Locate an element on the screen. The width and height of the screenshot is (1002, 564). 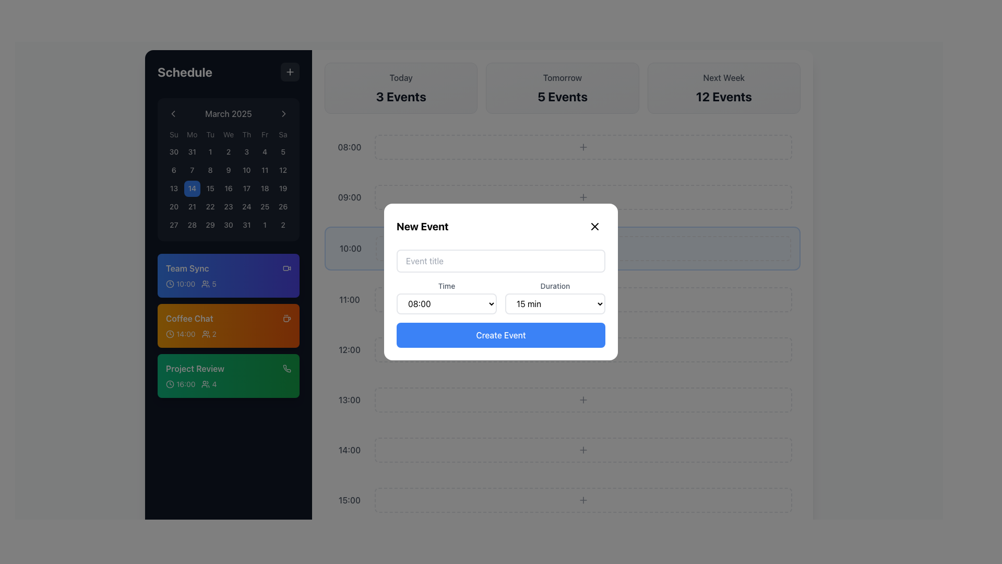
the Calendar day button located is located at coordinates (192, 207).